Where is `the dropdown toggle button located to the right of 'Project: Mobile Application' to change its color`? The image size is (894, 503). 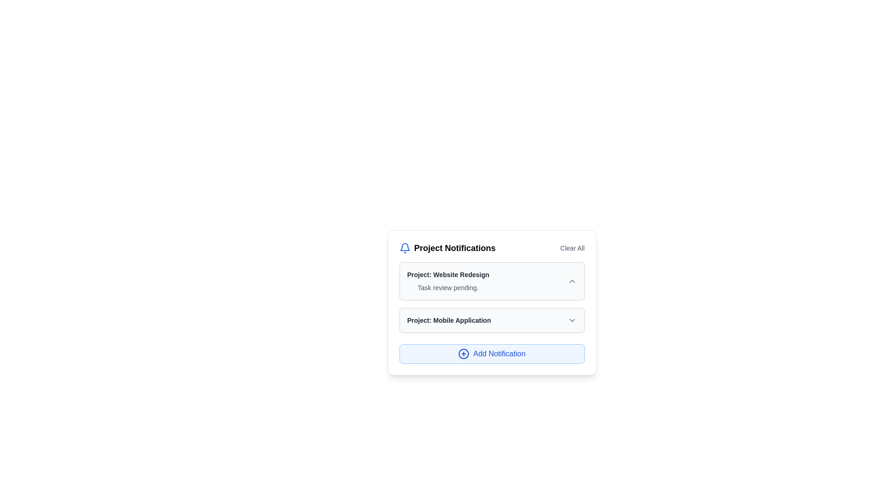 the dropdown toggle button located to the right of 'Project: Mobile Application' to change its color is located at coordinates (571, 319).